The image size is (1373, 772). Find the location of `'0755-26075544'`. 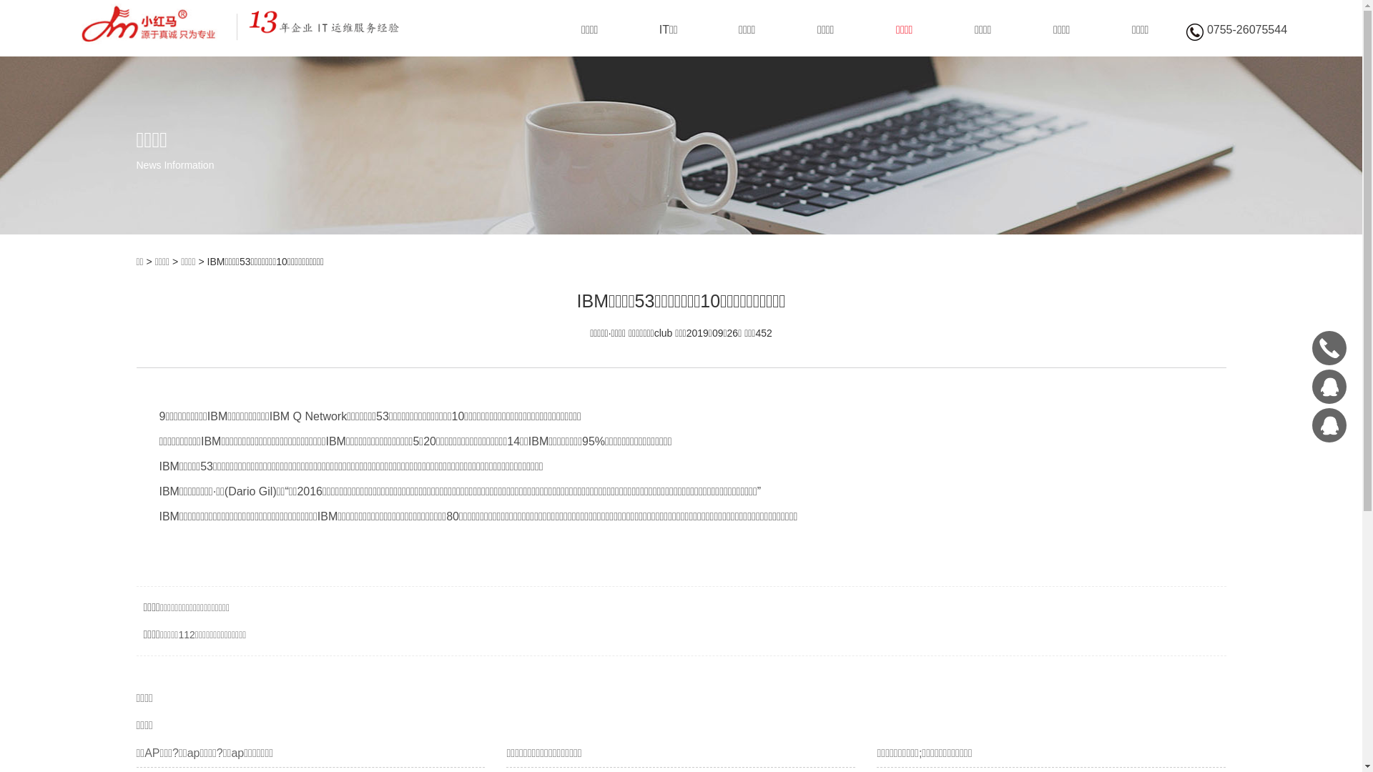

'0755-26075544' is located at coordinates (1328, 347).